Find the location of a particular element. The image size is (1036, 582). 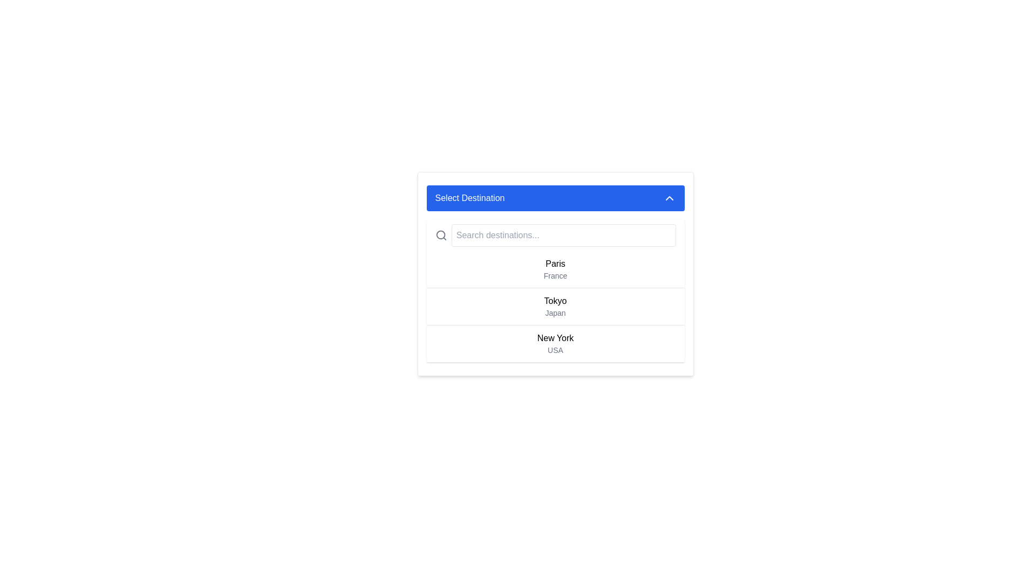

the second option in the dropdown menu representing 'Tokyo, Japan' is located at coordinates (555, 291).